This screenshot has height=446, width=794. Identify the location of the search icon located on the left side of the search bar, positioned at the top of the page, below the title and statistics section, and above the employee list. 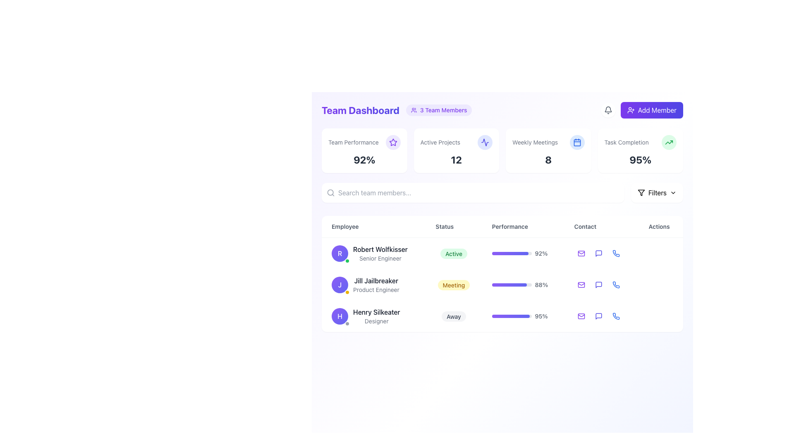
(331, 192).